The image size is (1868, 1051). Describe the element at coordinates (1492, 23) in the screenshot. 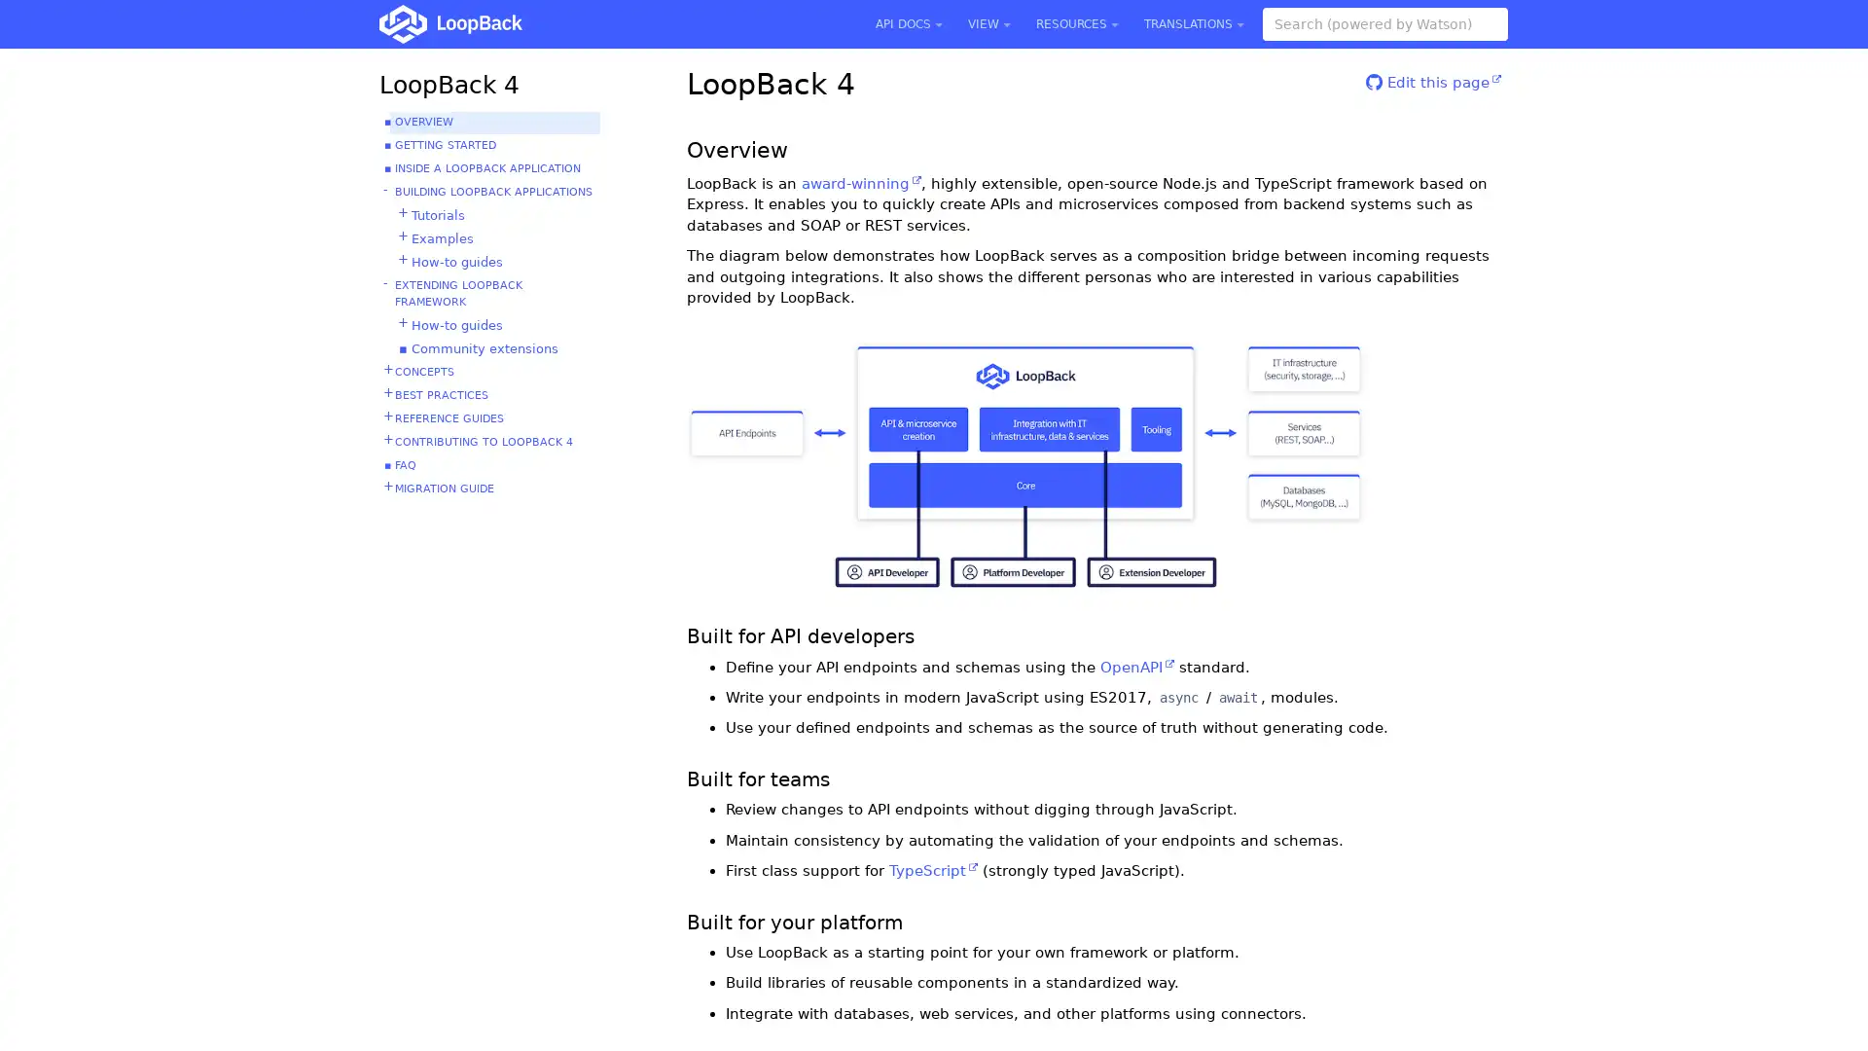

I see `search` at that location.